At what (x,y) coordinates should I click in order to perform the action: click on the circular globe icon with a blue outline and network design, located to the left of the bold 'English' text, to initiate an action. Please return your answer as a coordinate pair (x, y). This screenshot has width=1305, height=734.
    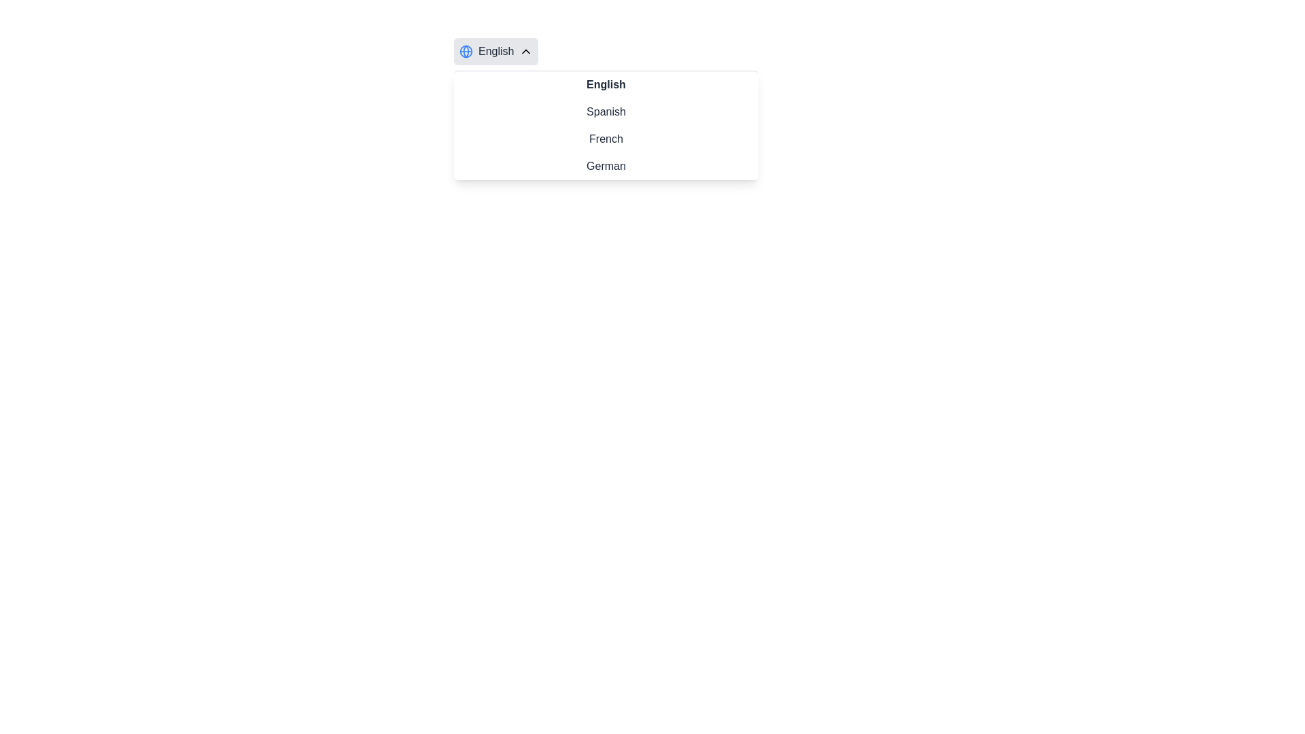
    Looking at the image, I should click on (466, 51).